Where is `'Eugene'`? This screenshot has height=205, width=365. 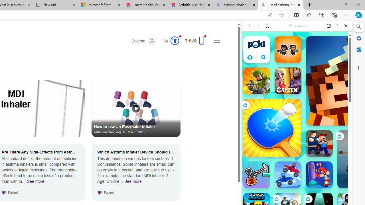
'Eugene' is located at coordinates (144, 41).